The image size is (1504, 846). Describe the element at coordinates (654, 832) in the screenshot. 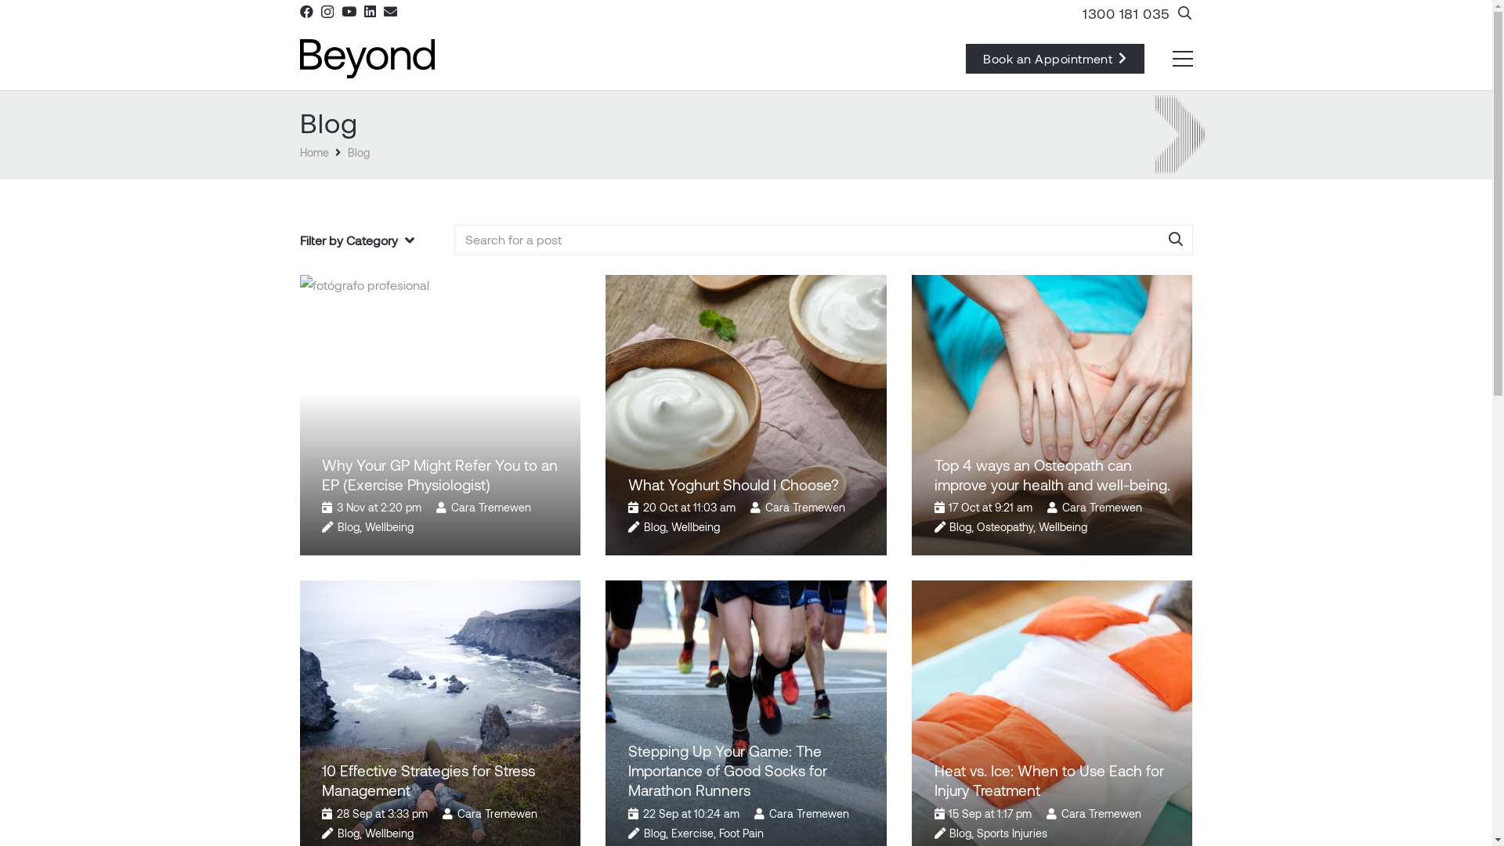

I see `'Blog'` at that location.